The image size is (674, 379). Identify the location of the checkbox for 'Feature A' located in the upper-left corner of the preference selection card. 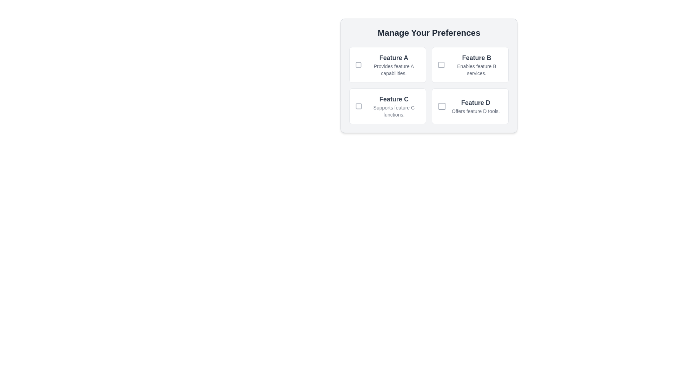
(358, 65).